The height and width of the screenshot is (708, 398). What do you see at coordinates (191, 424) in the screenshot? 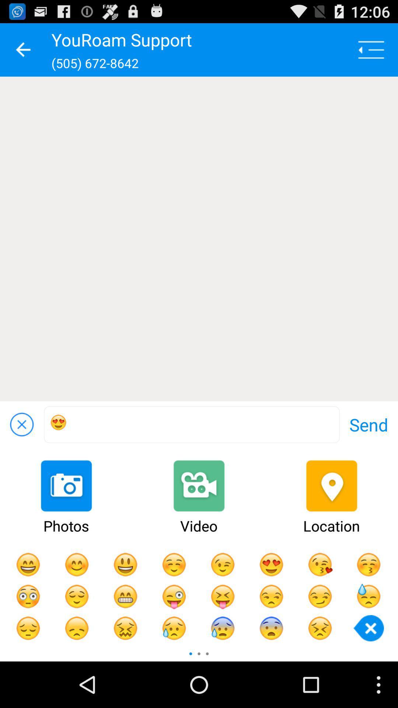
I see `icon to the left of the send item` at bounding box center [191, 424].